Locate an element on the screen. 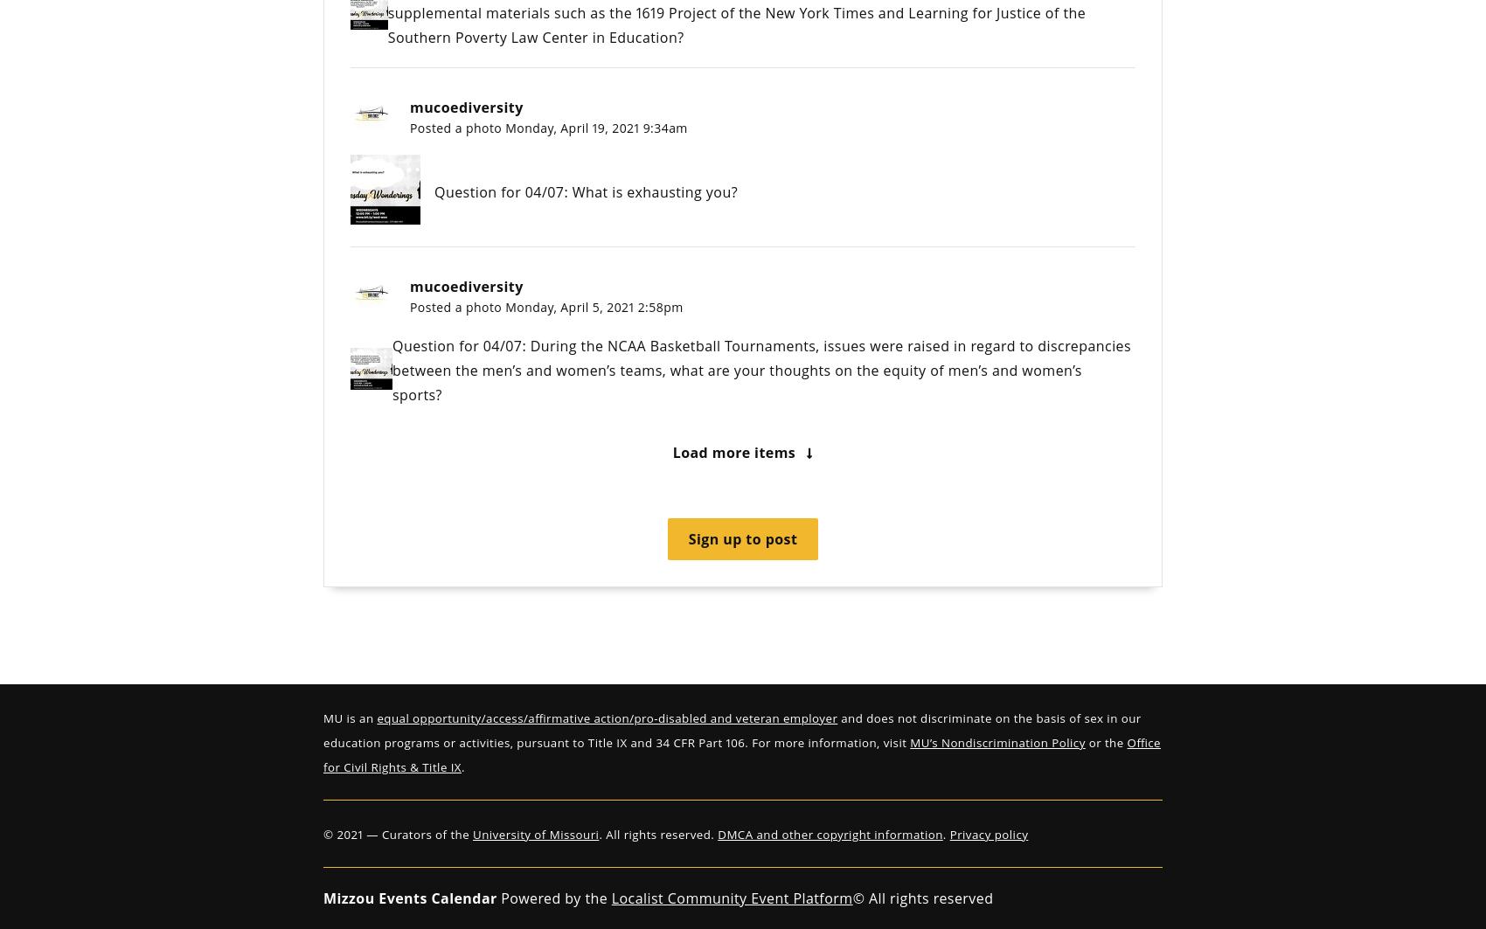 The height and width of the screenshot is (929, 1486). '— Curators of the' is located at coordinates (418, 833).